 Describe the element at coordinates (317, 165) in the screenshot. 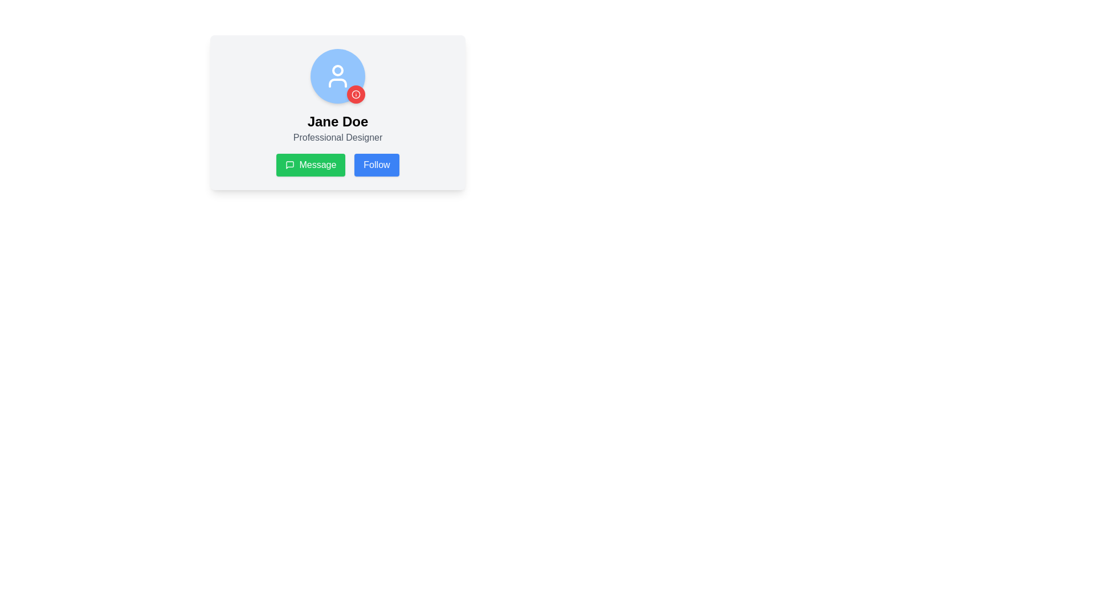

I see `the 'Message' button, which contains the text label indicating the action to send a message to the profile owner` at that location.